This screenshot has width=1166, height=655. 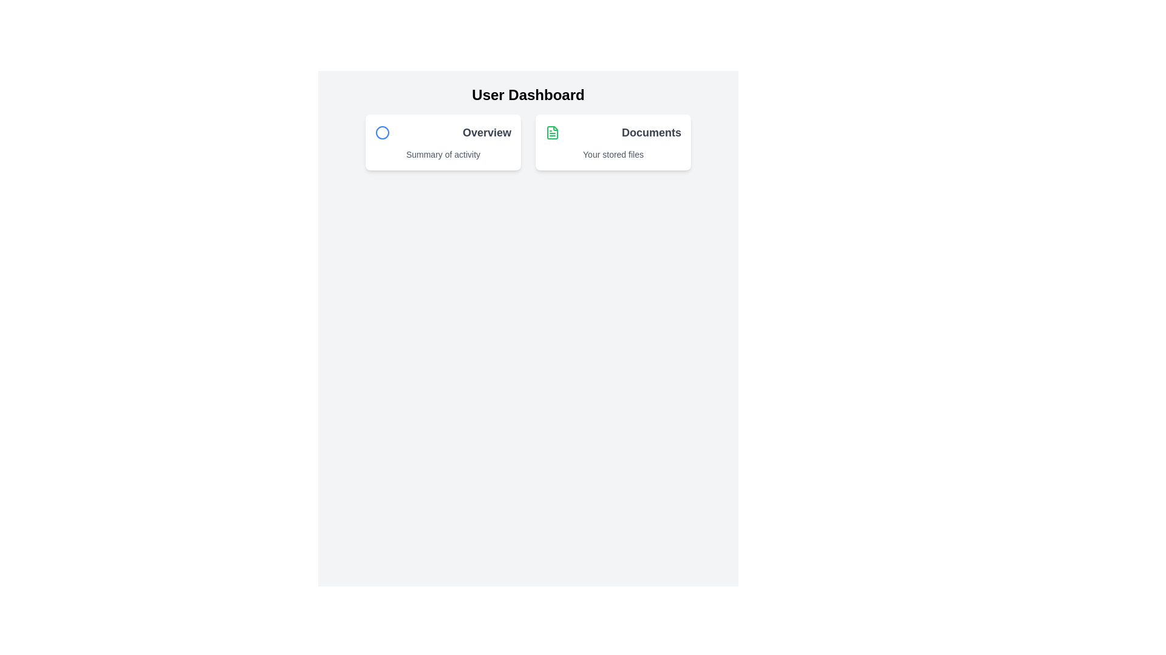 What do you see at coordinates (552, 133) in the screenshot?
I see `'Documents' icon located in the second card from the left in the main section of the dashboard, which is positioned to the left of the label 'Documents'` at bounding box center [552, 133].